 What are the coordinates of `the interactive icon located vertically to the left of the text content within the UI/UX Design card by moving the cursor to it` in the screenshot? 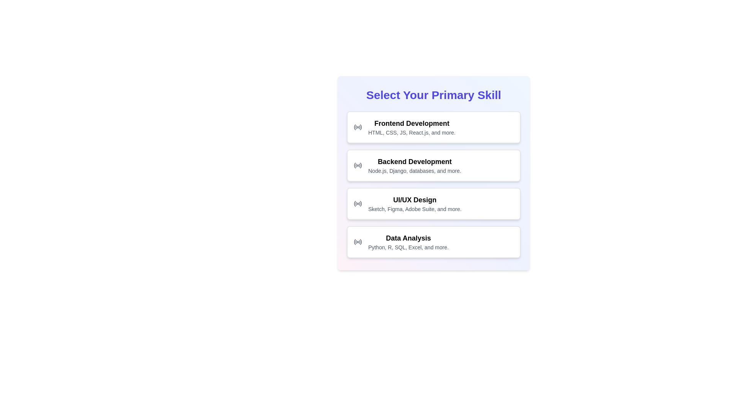 It's located at (358, 203).